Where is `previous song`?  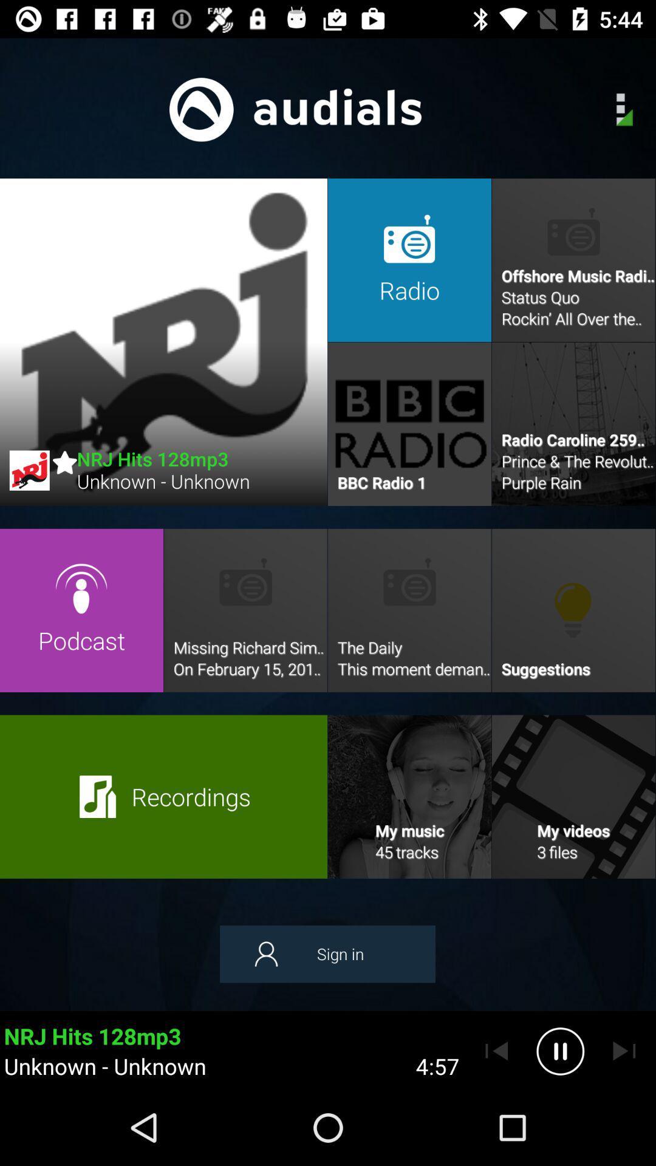 previous song is located at coordinates (496, 1051).